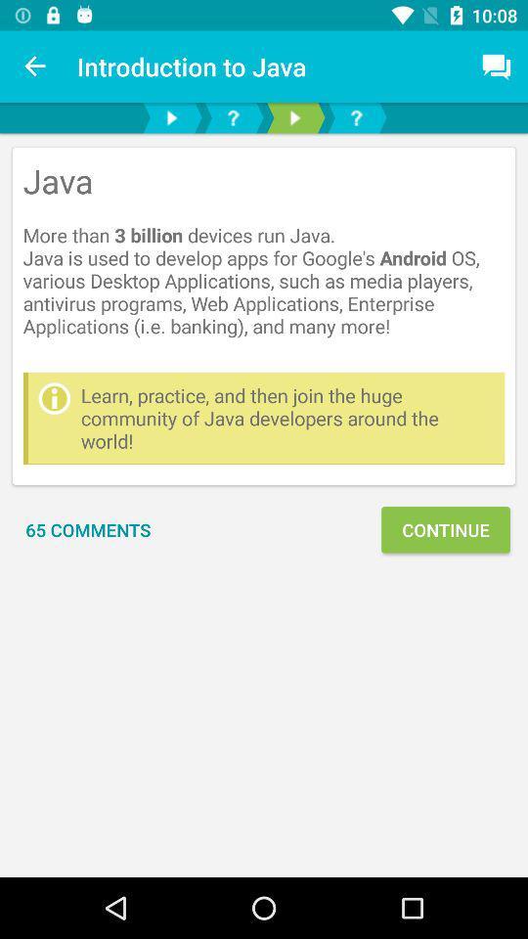 The height and width of the screenshot is (939, 528). What do you see at coordinates (497, 67) in the screenshot?
I see `icon above the java  more icon` at bounding box center [497, 67].